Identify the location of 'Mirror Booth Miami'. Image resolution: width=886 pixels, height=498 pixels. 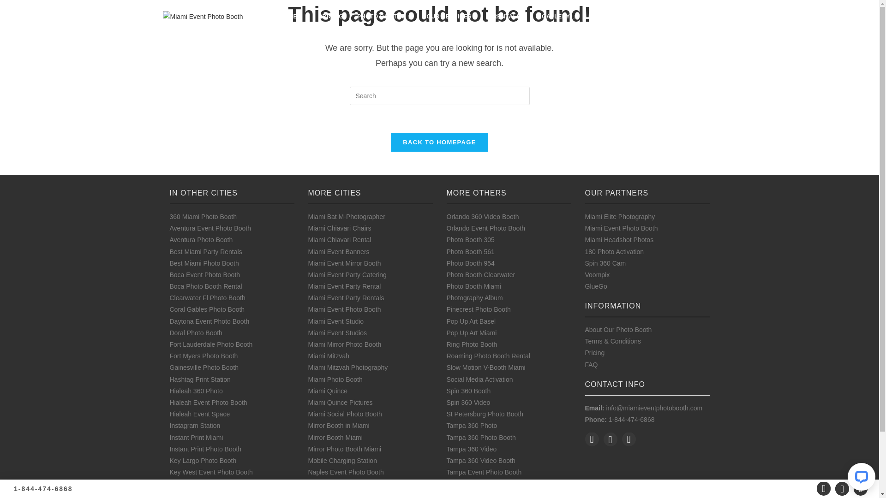
(335, 437).